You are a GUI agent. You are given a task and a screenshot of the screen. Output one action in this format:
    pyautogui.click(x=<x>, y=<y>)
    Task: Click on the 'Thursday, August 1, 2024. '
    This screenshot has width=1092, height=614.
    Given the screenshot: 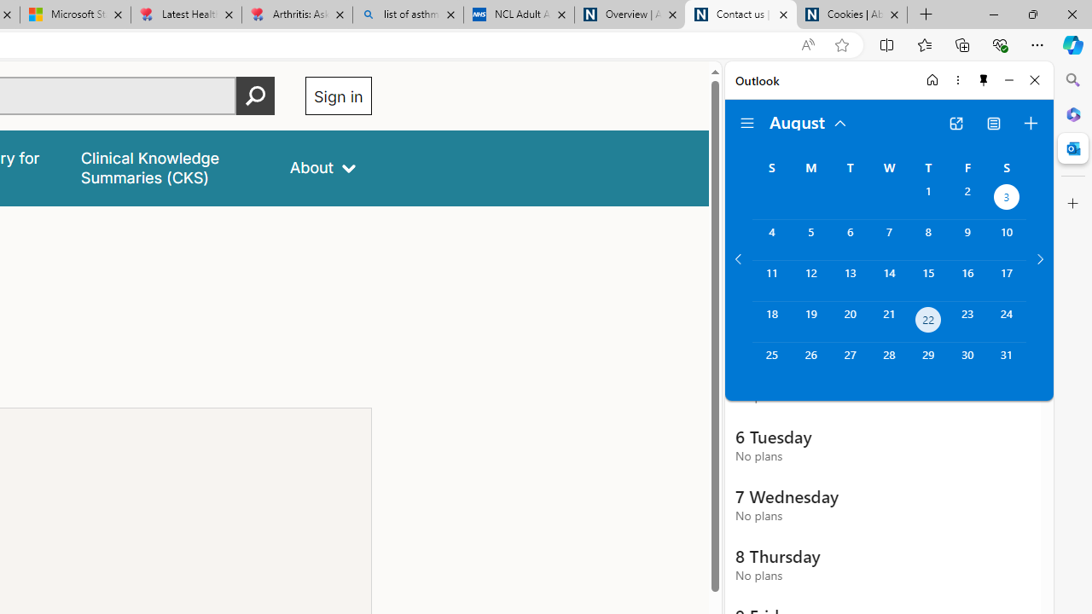 What is the action you would take?
    pyautogui.click(x=927, y=198)
    